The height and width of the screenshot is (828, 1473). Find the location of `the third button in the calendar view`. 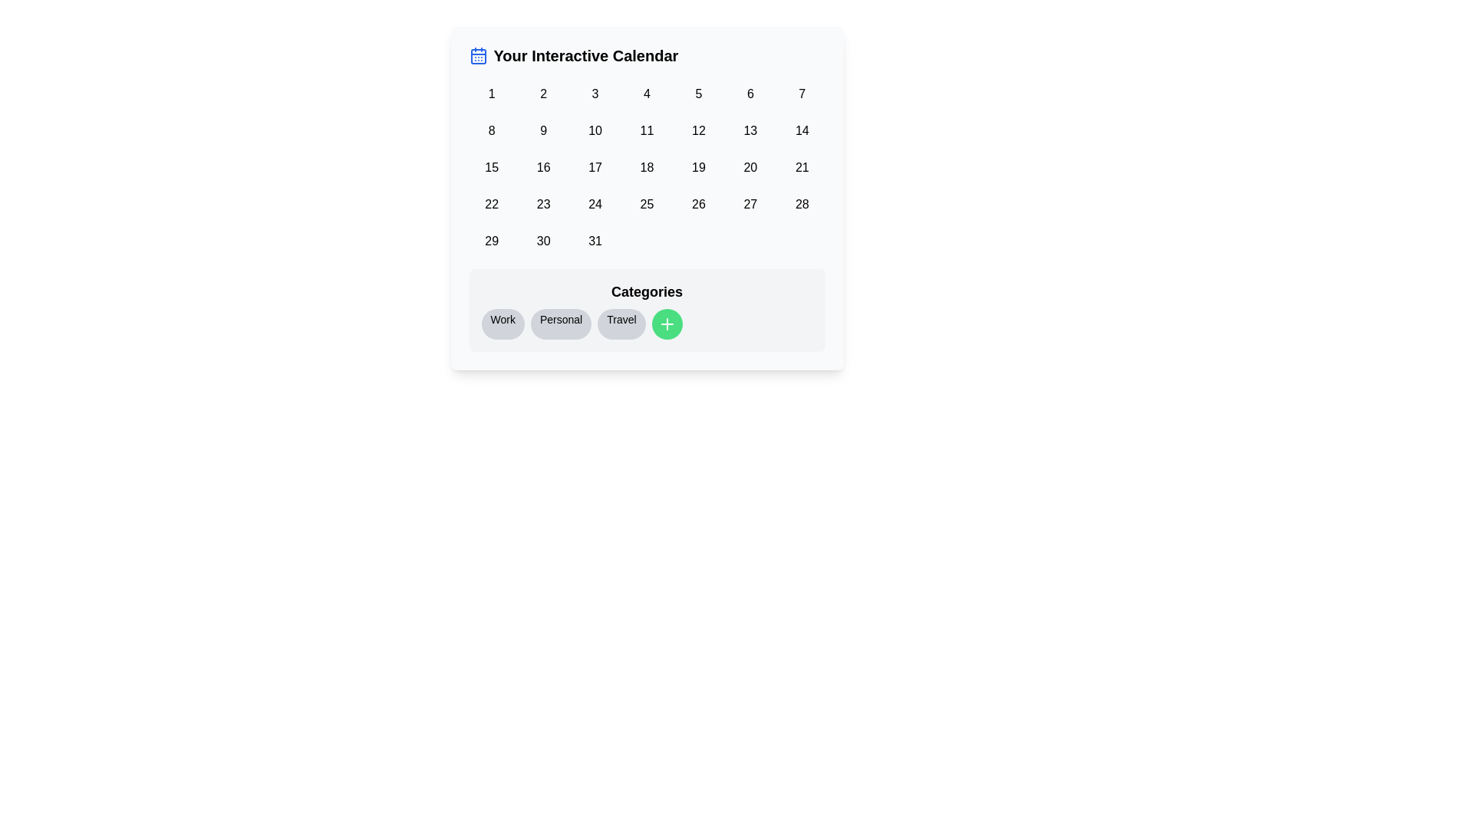

the third button in the calendar view is located at coordinates (595, 94).